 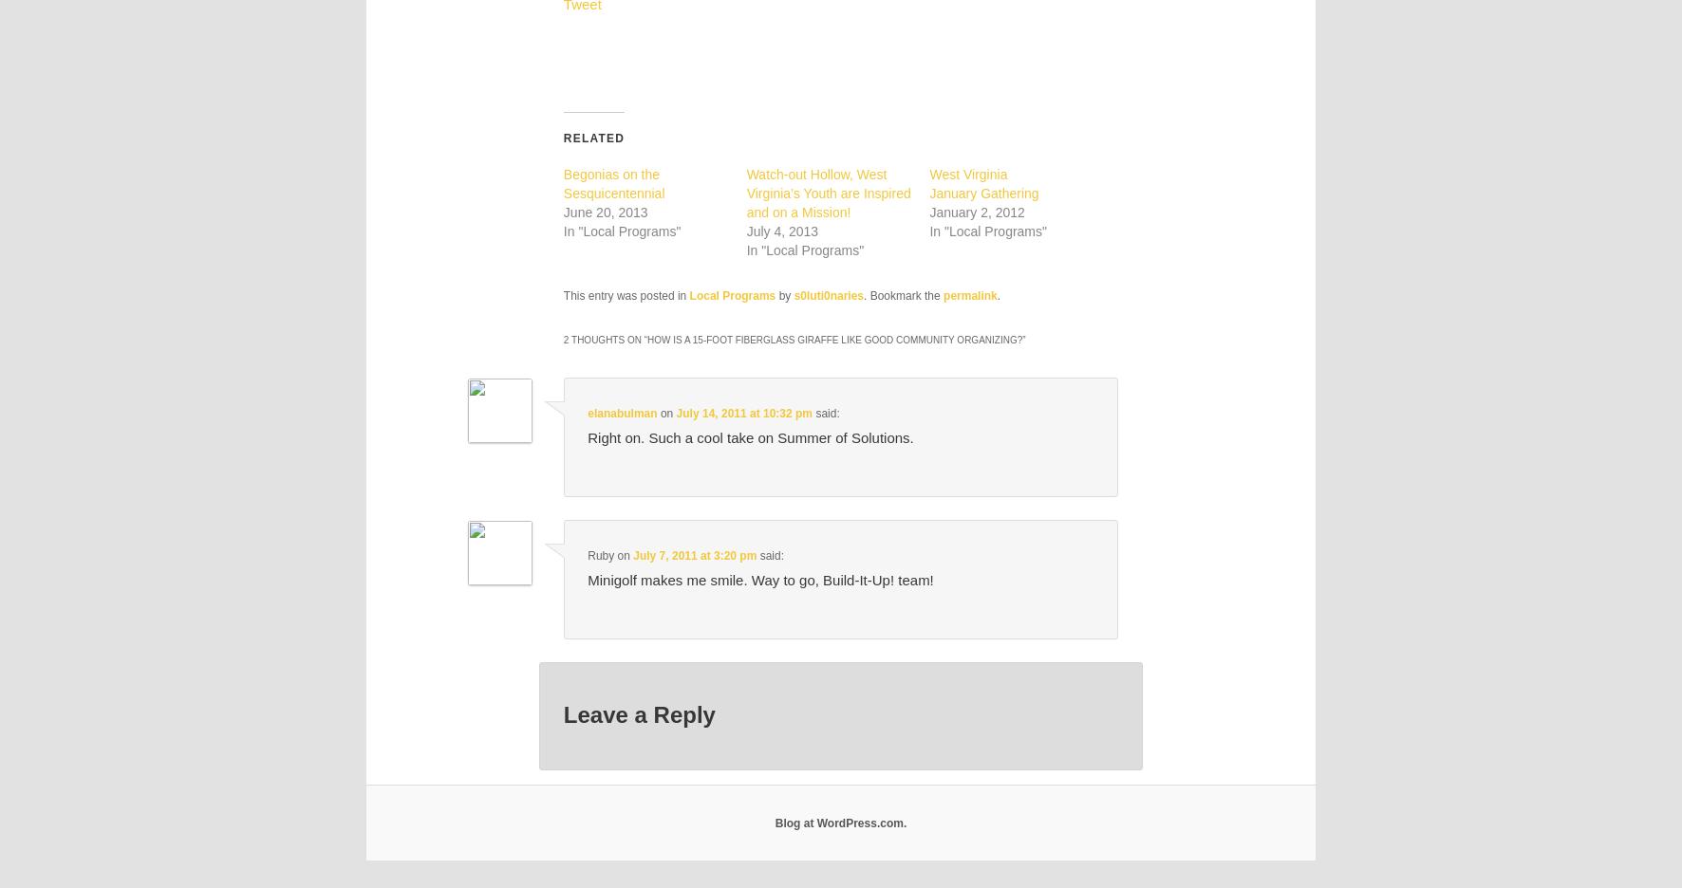 I want to click on 'Minigolf makes me smile. Way to go, Build-It-Up! team!', so click(x=759, y=579).